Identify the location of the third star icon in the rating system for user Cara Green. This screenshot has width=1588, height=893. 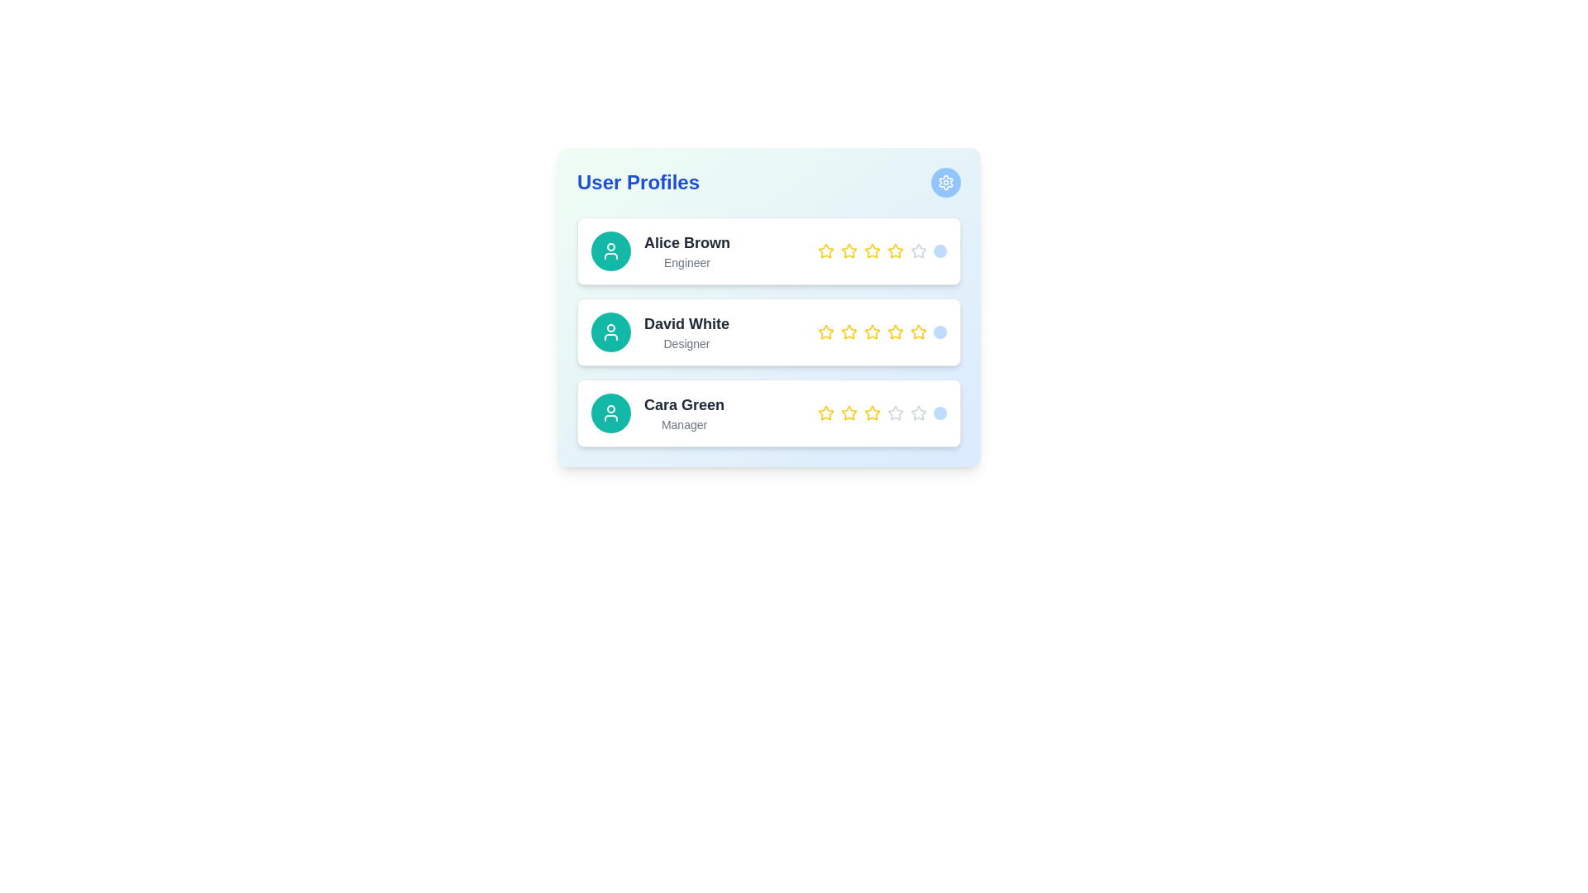
(917, 412).